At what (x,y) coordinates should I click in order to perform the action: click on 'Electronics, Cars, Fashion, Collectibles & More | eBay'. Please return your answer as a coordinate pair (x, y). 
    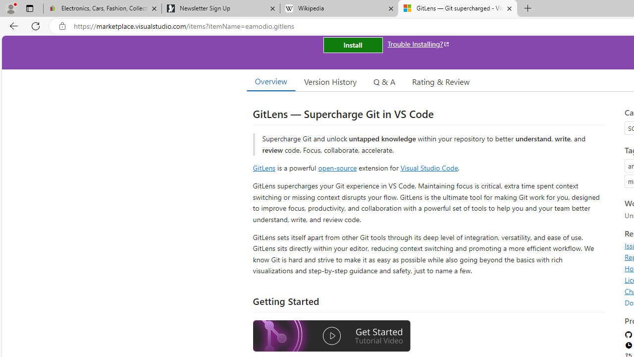
    Looking at the image, I should click on (103, 8).